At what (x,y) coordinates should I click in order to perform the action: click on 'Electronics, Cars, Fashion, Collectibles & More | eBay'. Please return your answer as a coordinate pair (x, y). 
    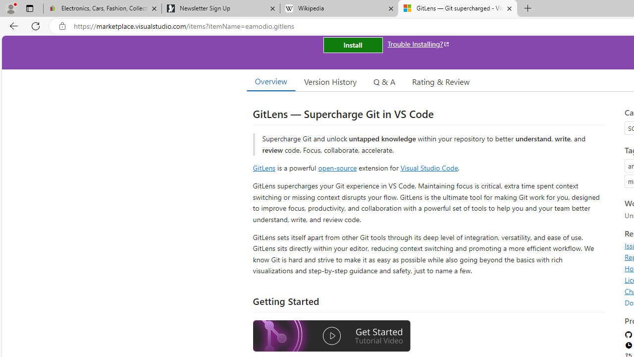
    Looking at the image, I should click on (103, 8).